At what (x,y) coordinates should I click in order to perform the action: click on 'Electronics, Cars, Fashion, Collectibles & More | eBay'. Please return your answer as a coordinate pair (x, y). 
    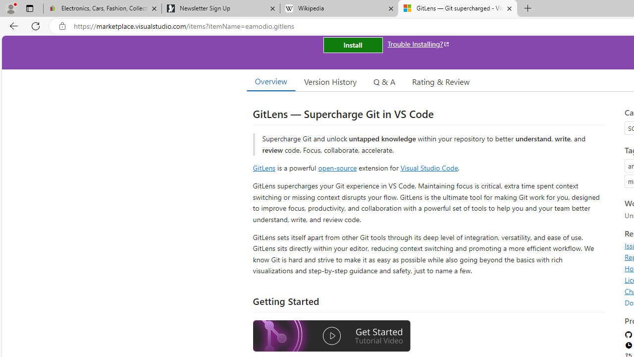
    Looking at the image, I should click on (103, 8).